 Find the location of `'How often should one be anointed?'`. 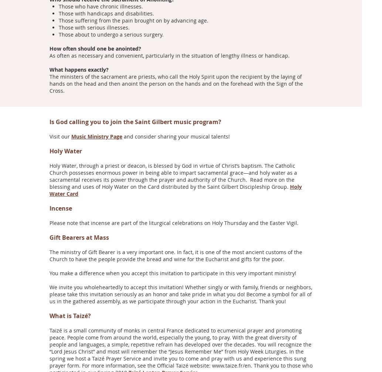

'How often should one be anointed?' is located at coordinates (95, 48).